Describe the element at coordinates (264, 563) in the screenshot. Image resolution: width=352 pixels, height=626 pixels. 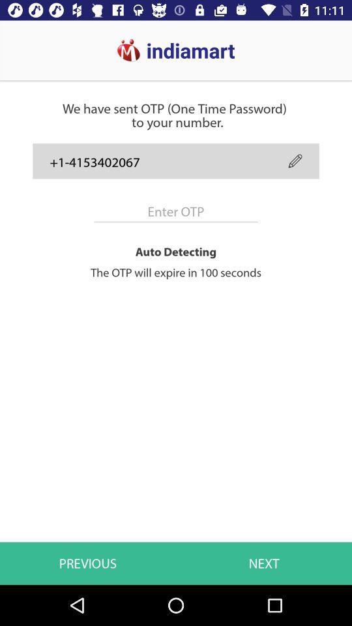
I see `the icon below the the otp will item` at that location.